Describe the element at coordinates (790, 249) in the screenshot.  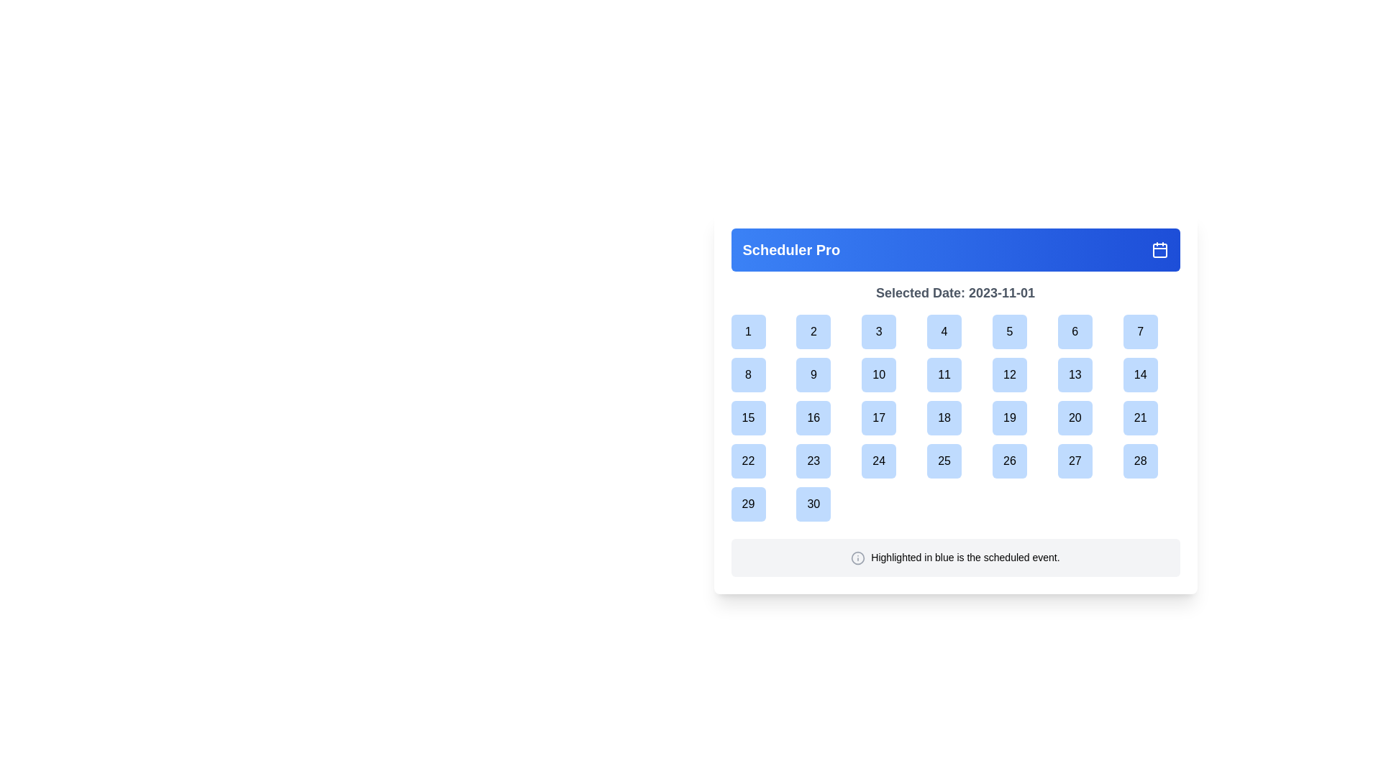
I see `the static text label displaying 'Scheduler Pro' located in the header bar of the calendar interface` at that location.